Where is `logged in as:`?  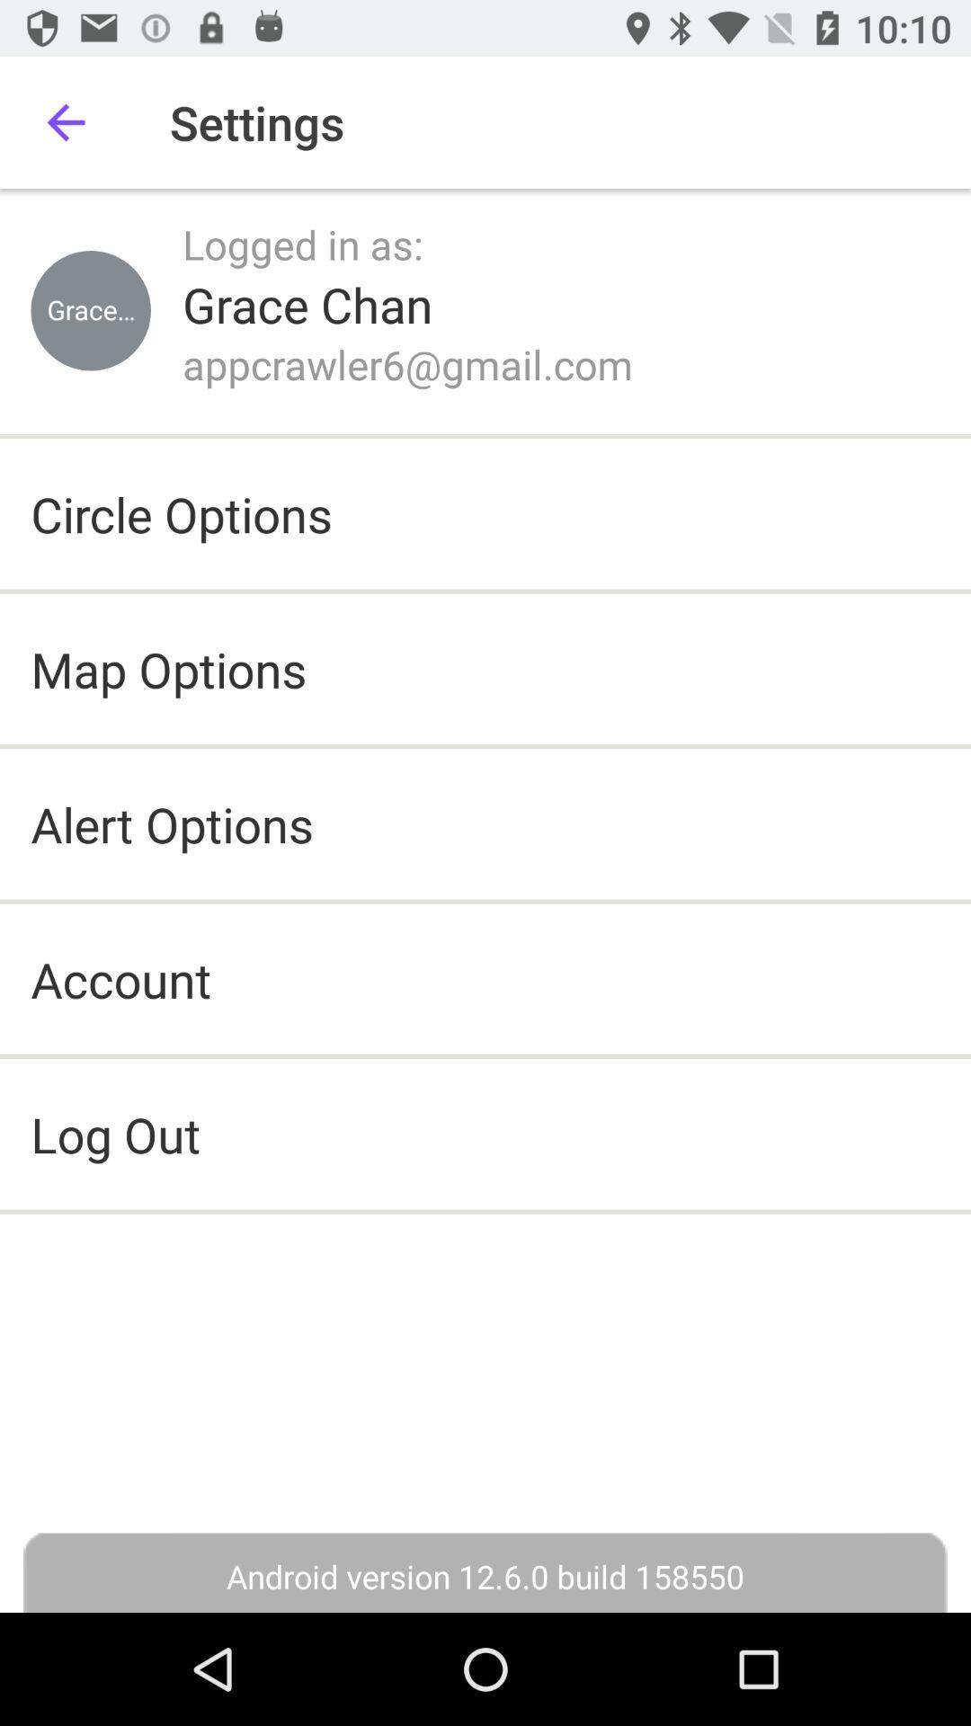 logged in as: is located at coordinates (302, 243).